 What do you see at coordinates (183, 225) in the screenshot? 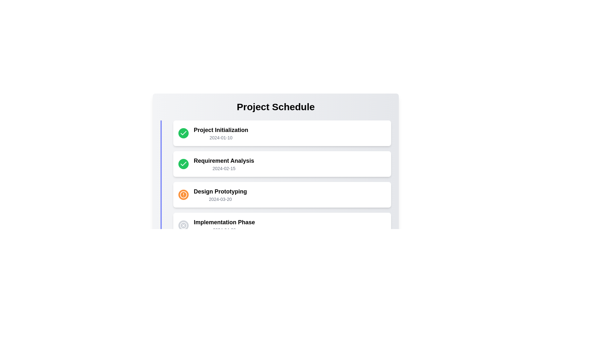
I see `the hollow circle icon with a cross inside, located on the far left of the 'Implementation Phase' list item, which is the fourth entry in the vertical sequence of schedule phases` at bounding box center [183, 225].